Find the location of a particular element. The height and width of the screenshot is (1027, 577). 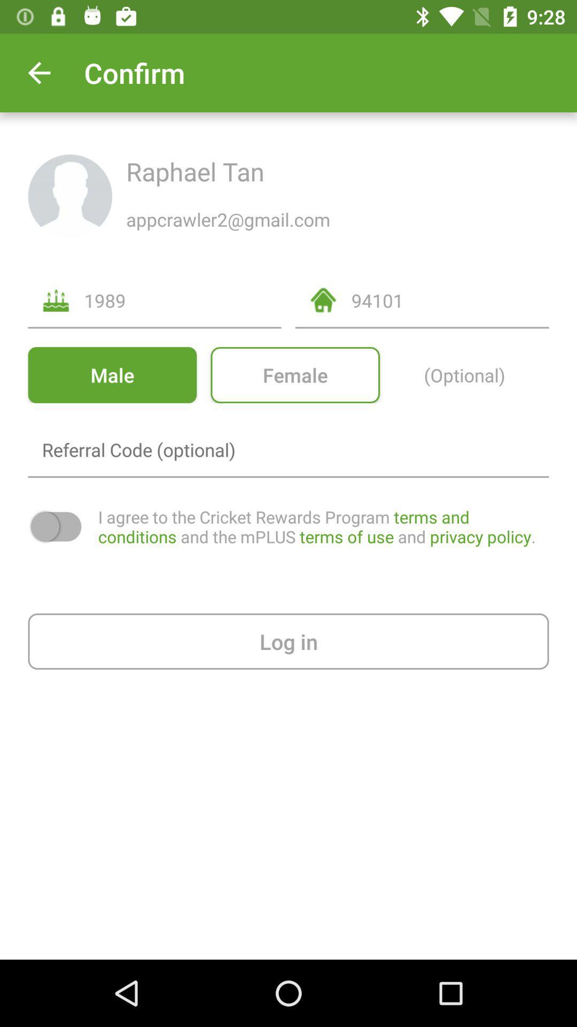

item to the left of the (optional) item is located at coordinates (295, 375).